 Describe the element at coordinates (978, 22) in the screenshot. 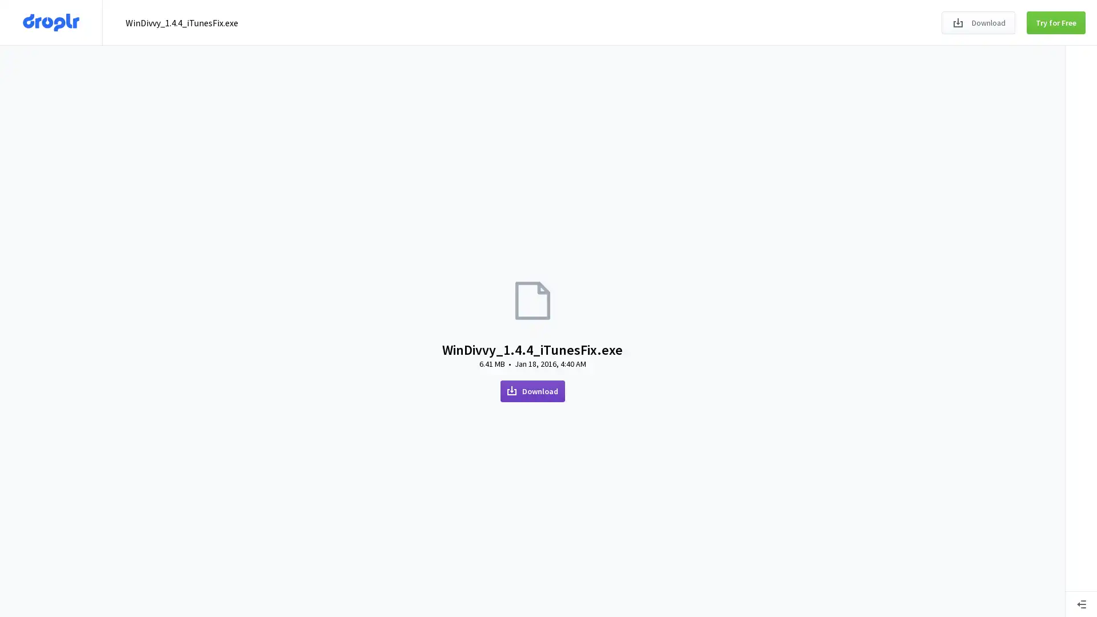

I see `Download` at that location.